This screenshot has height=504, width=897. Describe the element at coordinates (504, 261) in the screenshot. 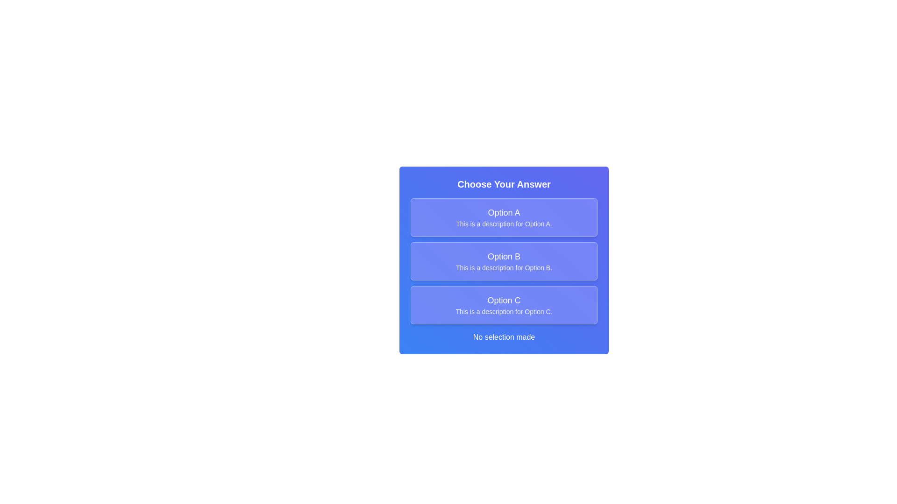

I see `the second list item titled 'Option B'` at that location.